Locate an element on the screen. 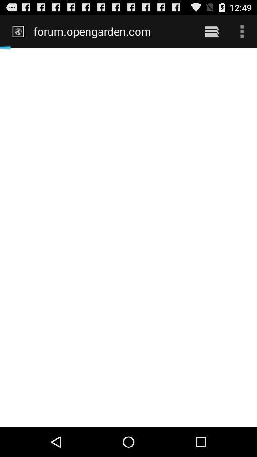  icon at the center is located at coordinates (128, 237).